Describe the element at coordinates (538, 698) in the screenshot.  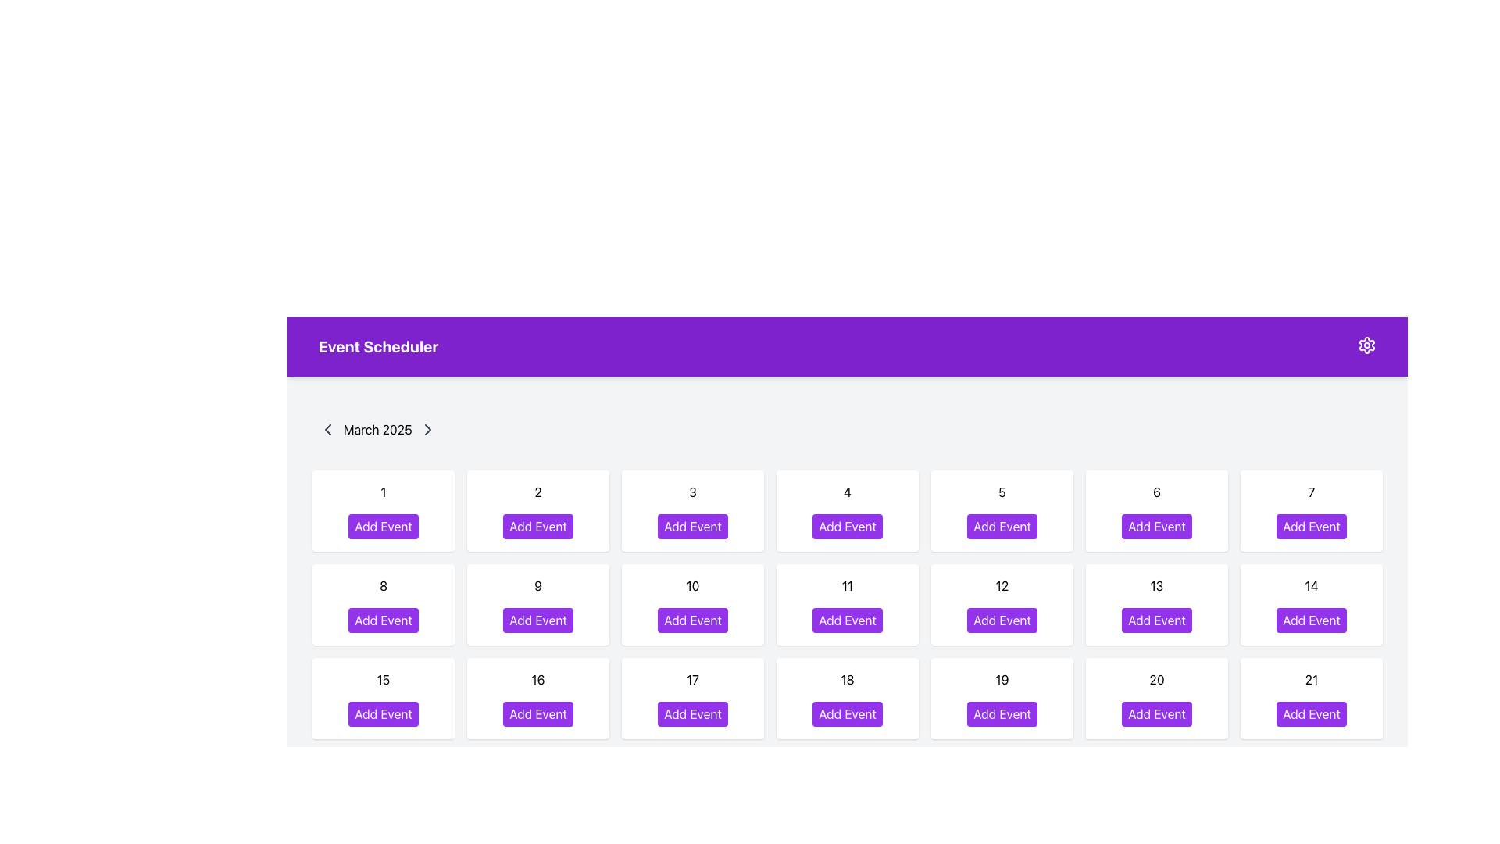
I see `the 'Add Event' button located within the Day cell displaying the number '16' in the event scheduler interface` at that location.